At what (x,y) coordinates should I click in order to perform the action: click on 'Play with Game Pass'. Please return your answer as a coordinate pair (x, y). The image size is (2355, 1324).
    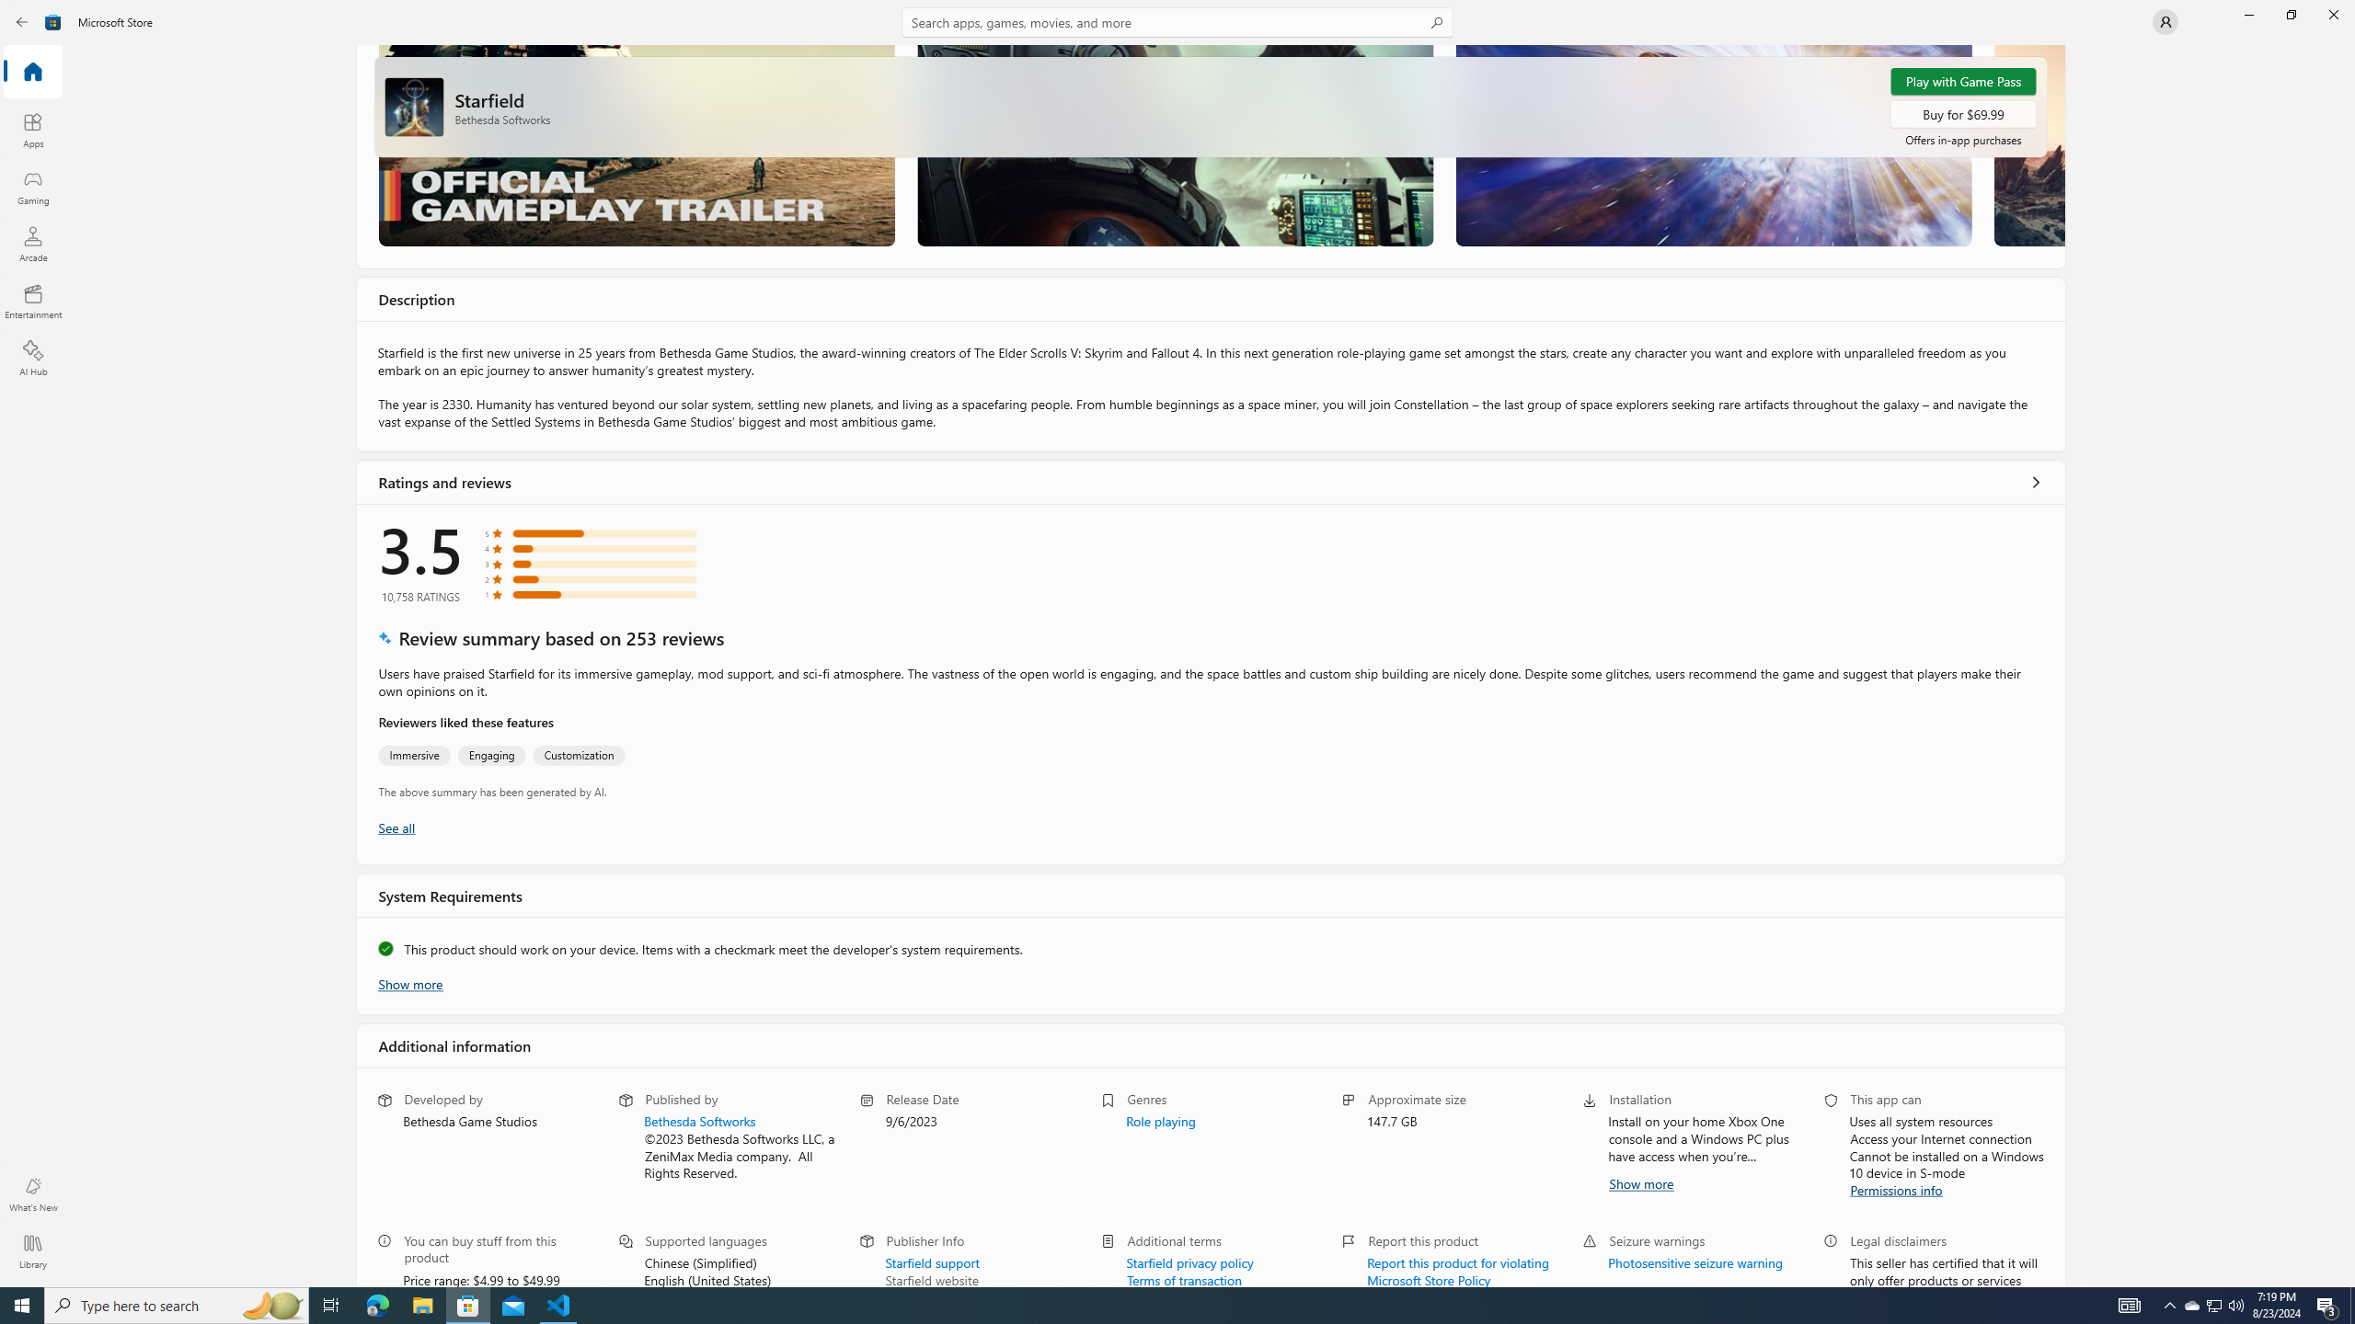
    Looking at the image, I should click on (1961, 81).